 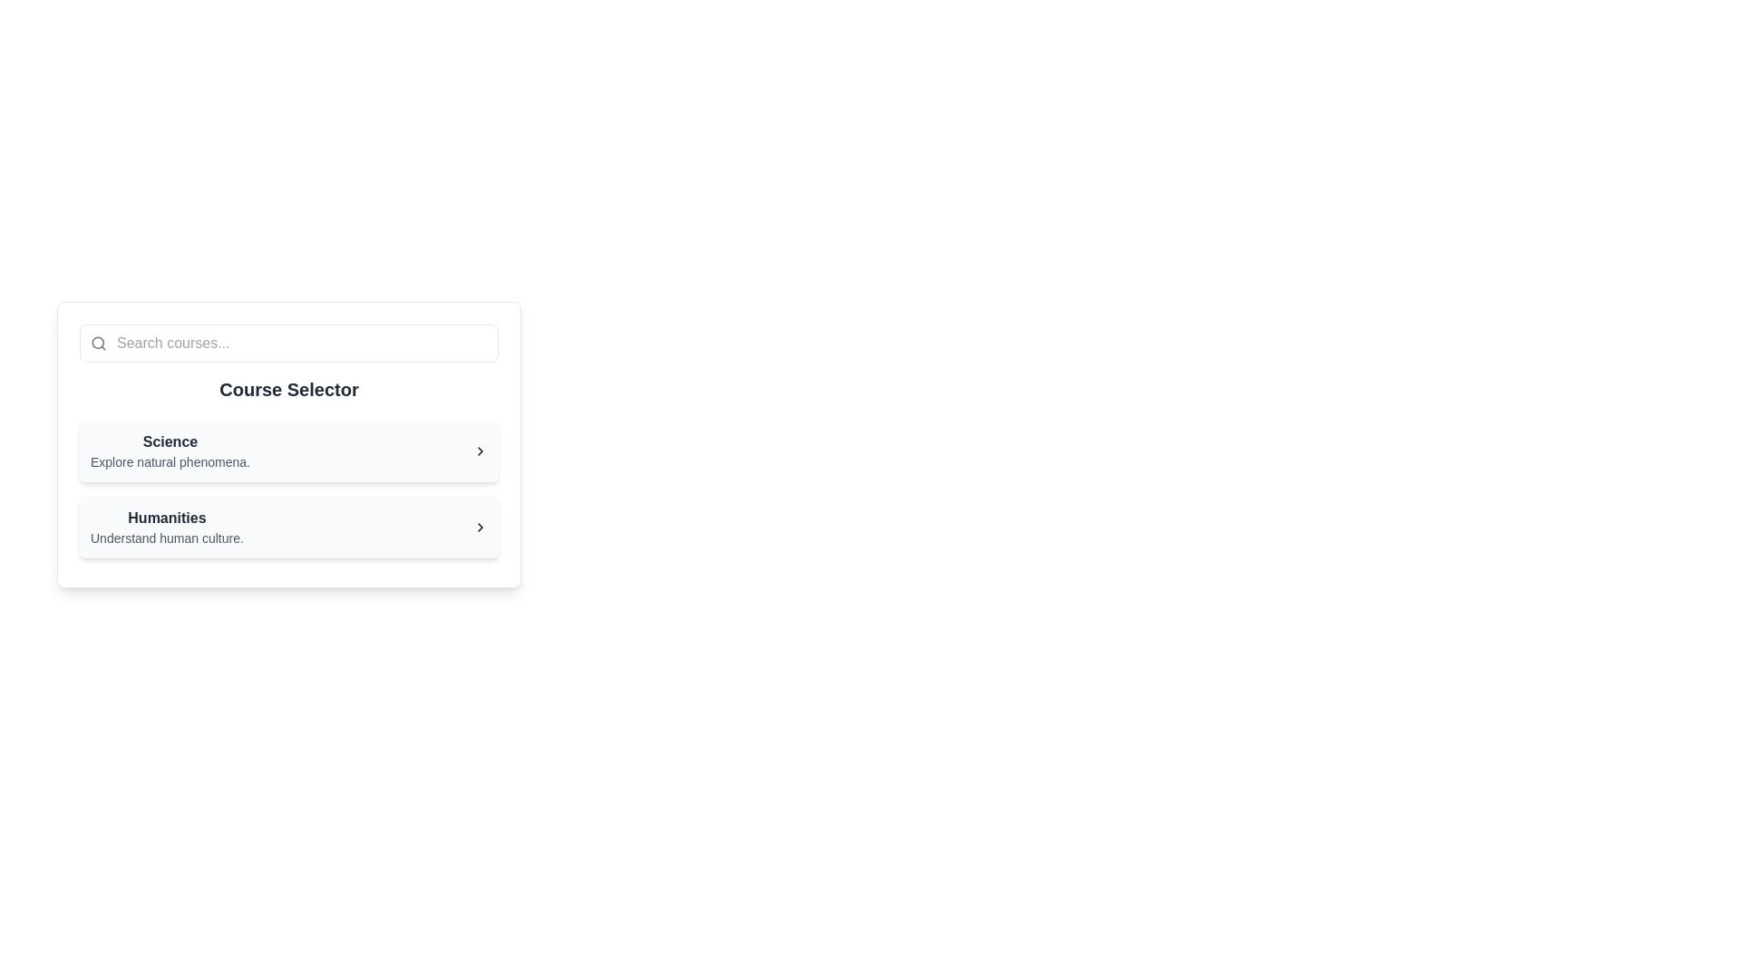 I want to click on the right-chevron icon located at the far right end of the 'Science' item box, adjacent to the text 'Explore natural phenomena.' for accessibility, so click(x=480, y=450).